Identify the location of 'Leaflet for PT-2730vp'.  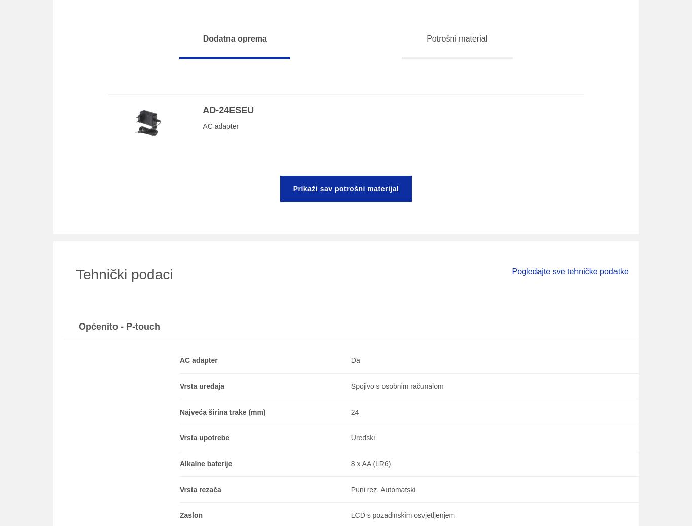
(83, 186).